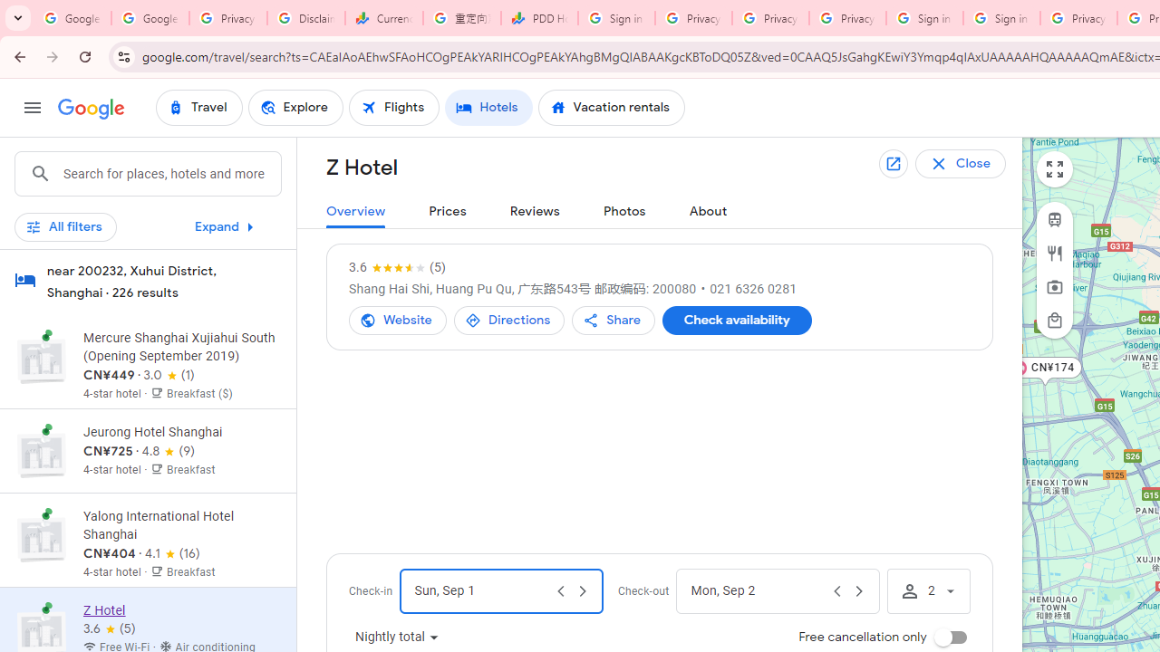  What do you see at coordinates (924, 18) in the screenshot?
I see `'Sign in - Google Accounts'` at bounding box center [924, 18].